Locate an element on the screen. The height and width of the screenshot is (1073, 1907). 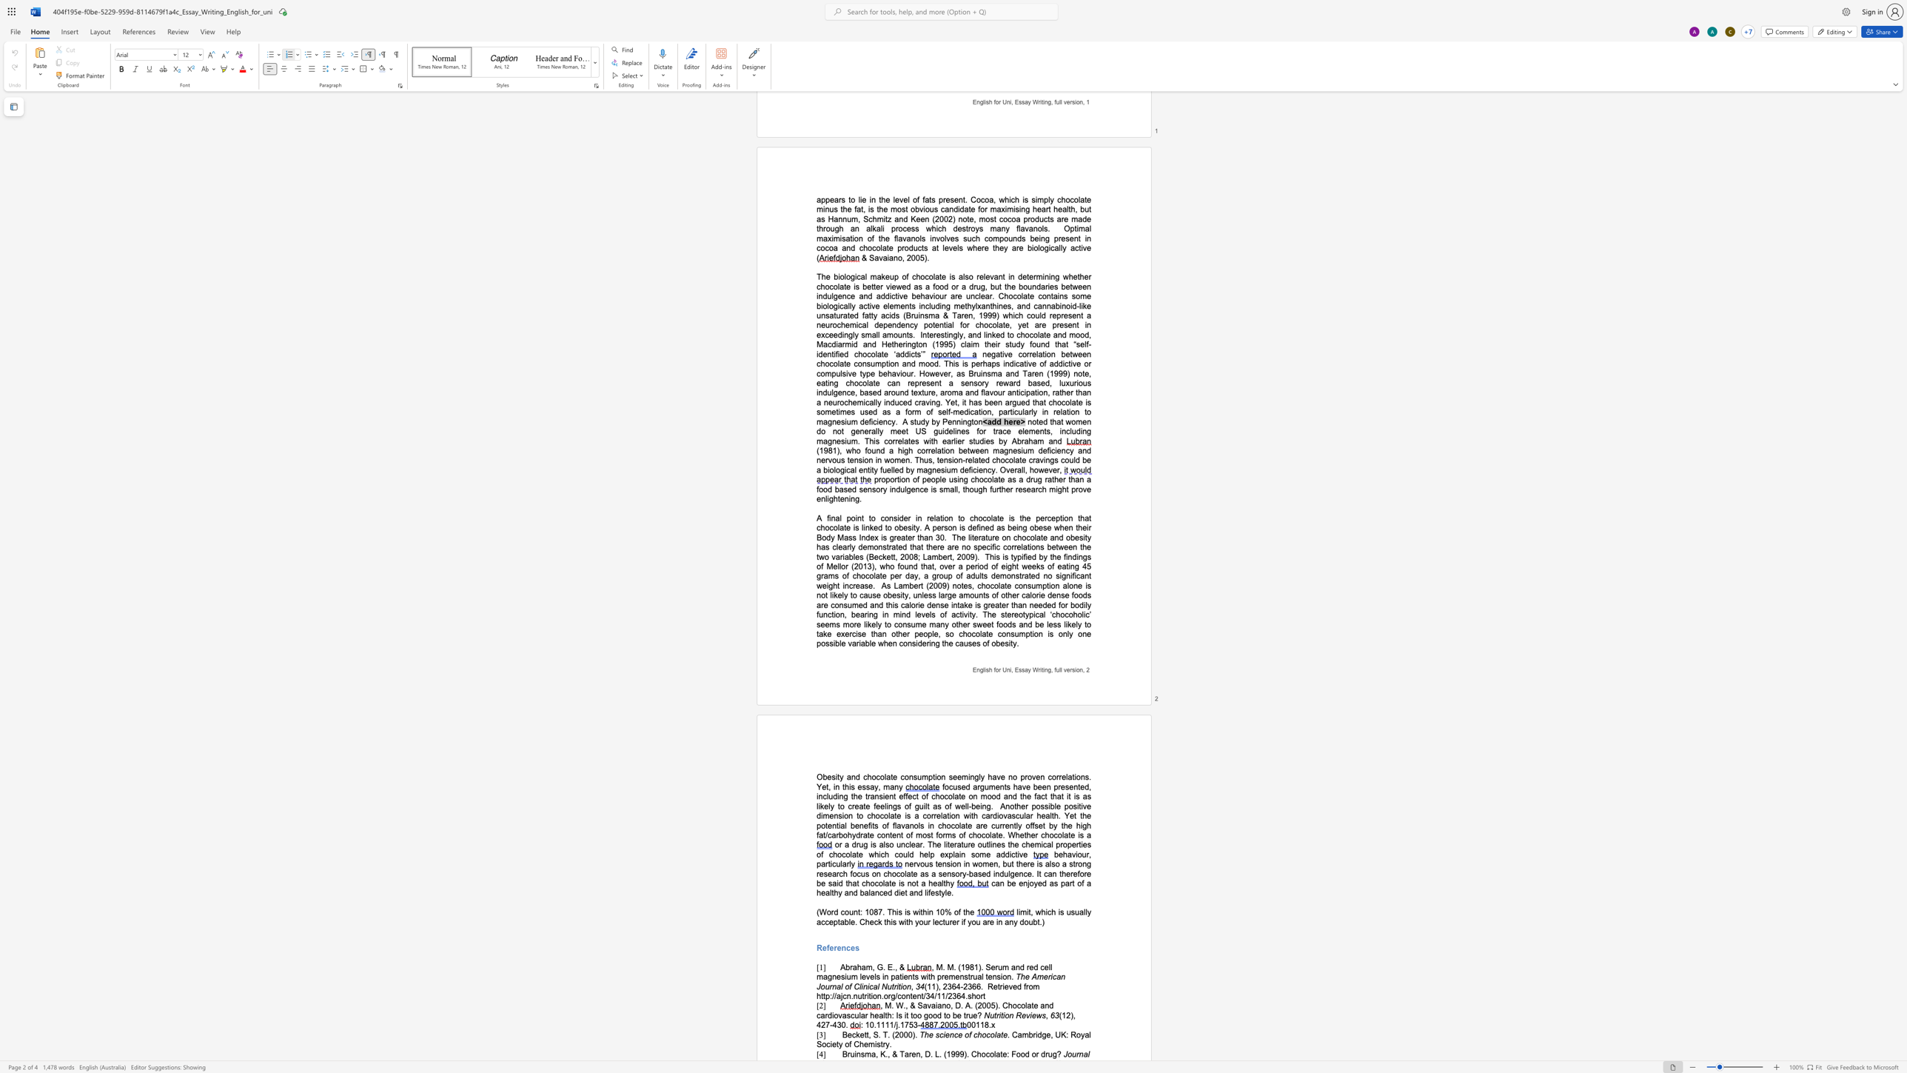
the space between the continuous character "(" and "2" in the text is located at coordinates (894, 1034).